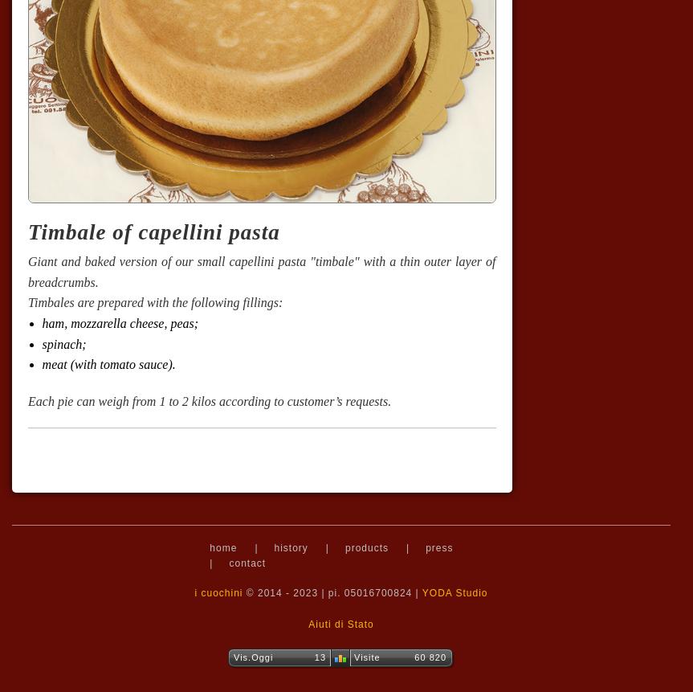 The image size is (693, 692). What do you see at coordinates (107, 363) in the screenshot?
I see `'meat (with tomato sauce).'` at bounding box center [107, 363].